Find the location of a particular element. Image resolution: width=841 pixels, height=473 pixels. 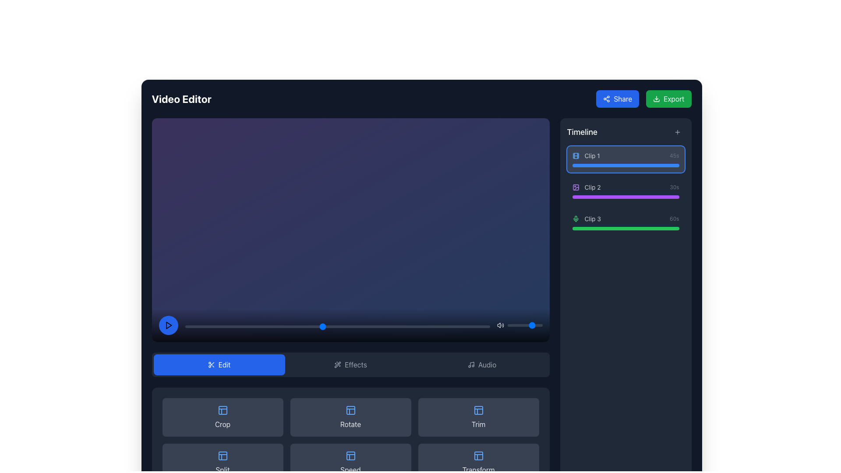

the small rounded rectangle with a blue background located inside the grid layout in the editing controls section is located at coordinates (350, 410).